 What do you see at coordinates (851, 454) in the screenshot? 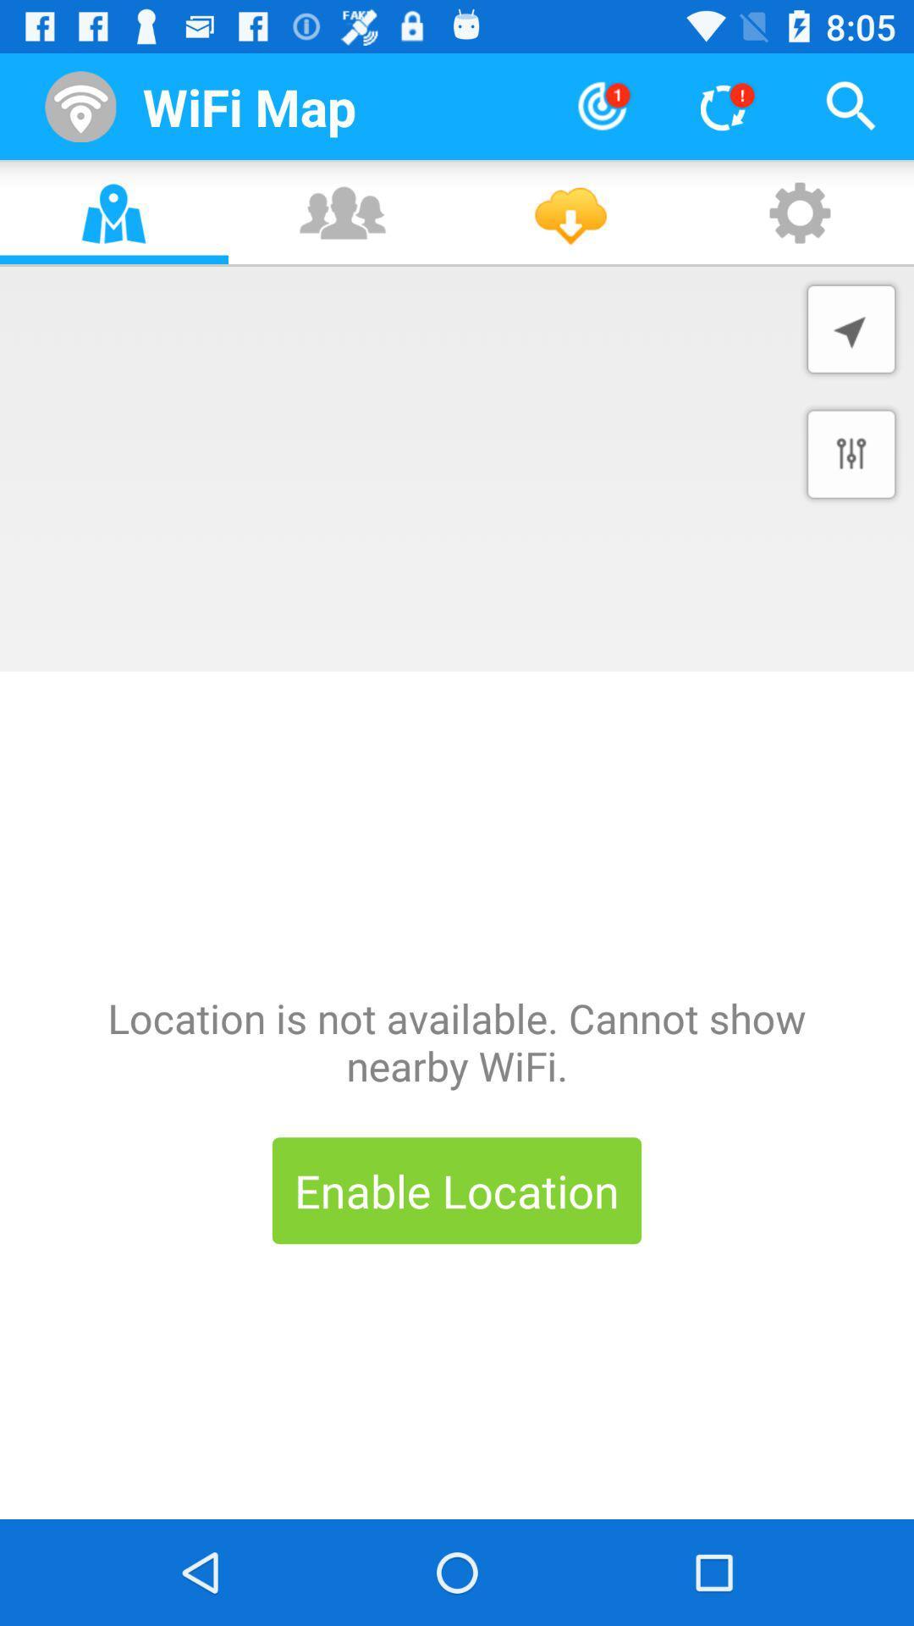
I see `settings` at bounding box center [851, 454].